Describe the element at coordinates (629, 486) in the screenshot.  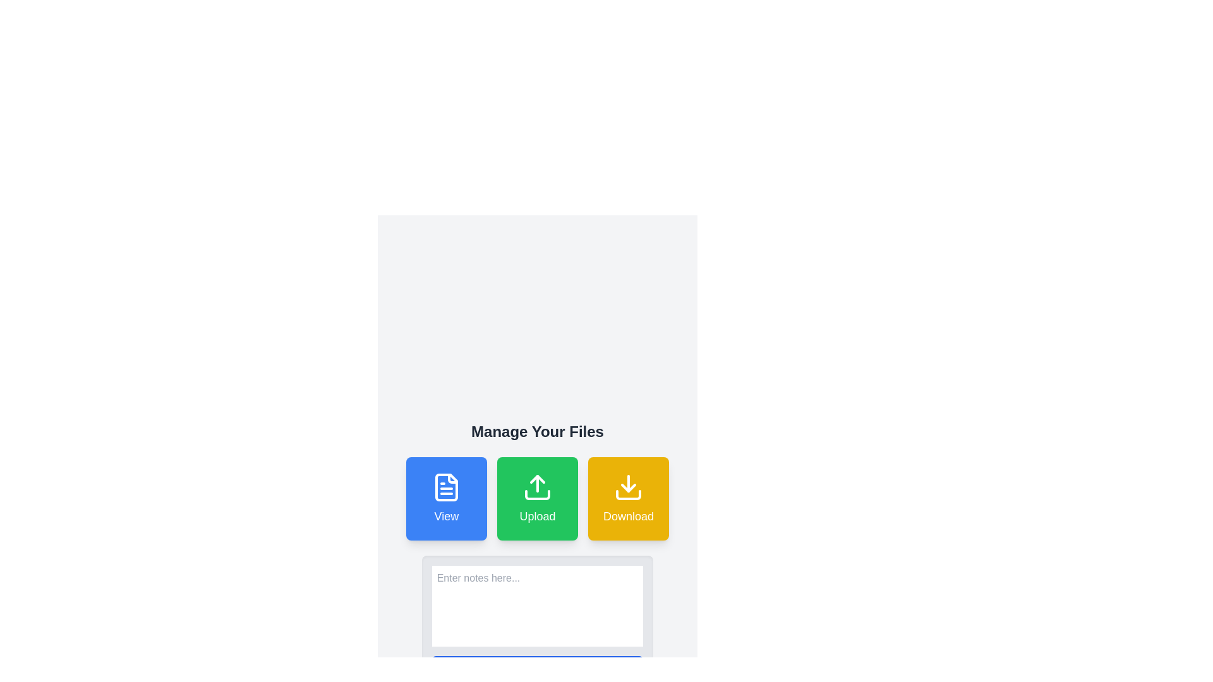
I see `the SVG icon resembling a downward-facing arrow with a yellow background located within the 'Download' button, positioned to the right of the 'Upload' button` at that location.